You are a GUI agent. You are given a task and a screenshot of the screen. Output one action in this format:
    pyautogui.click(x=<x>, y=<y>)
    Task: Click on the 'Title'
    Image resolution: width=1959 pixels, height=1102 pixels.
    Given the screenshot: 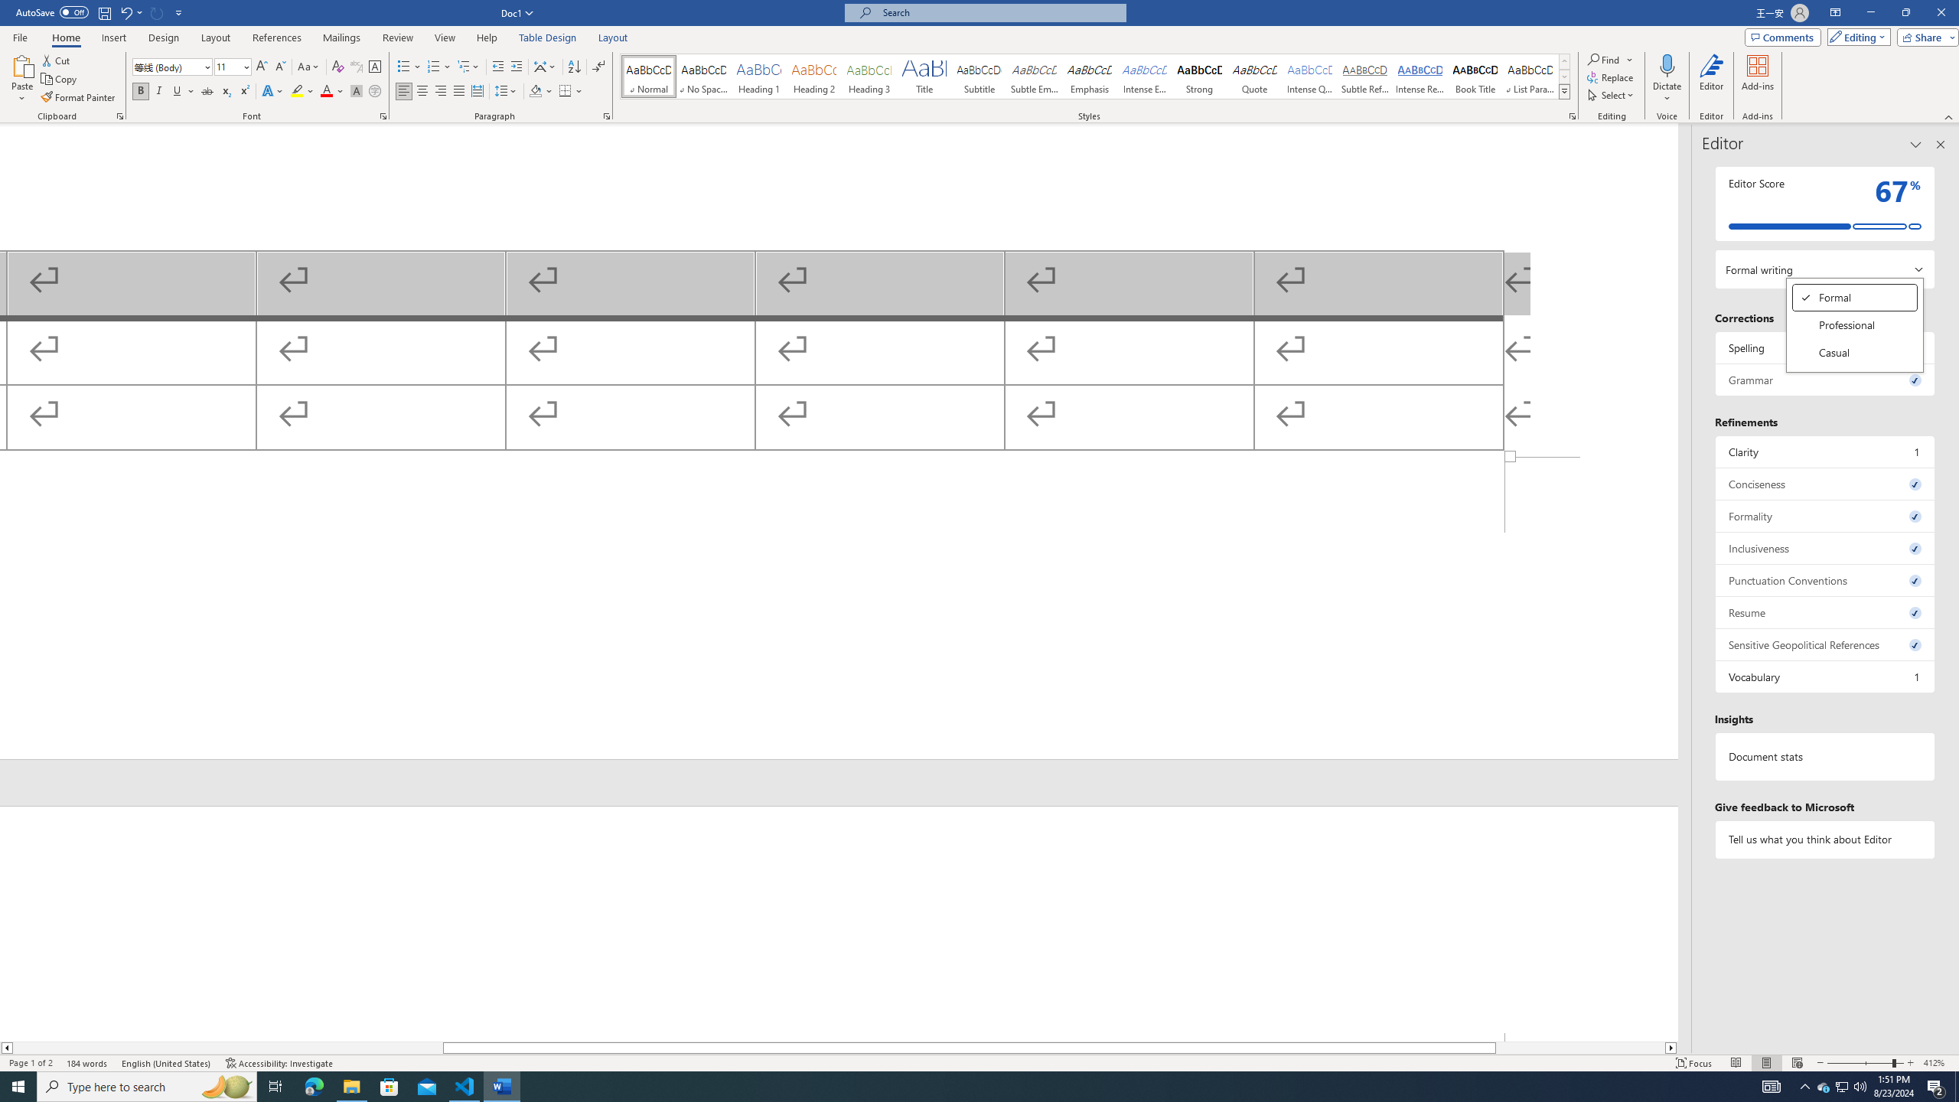 What is the action you would take?
    pyautogui.click(x=924, y=76)
    